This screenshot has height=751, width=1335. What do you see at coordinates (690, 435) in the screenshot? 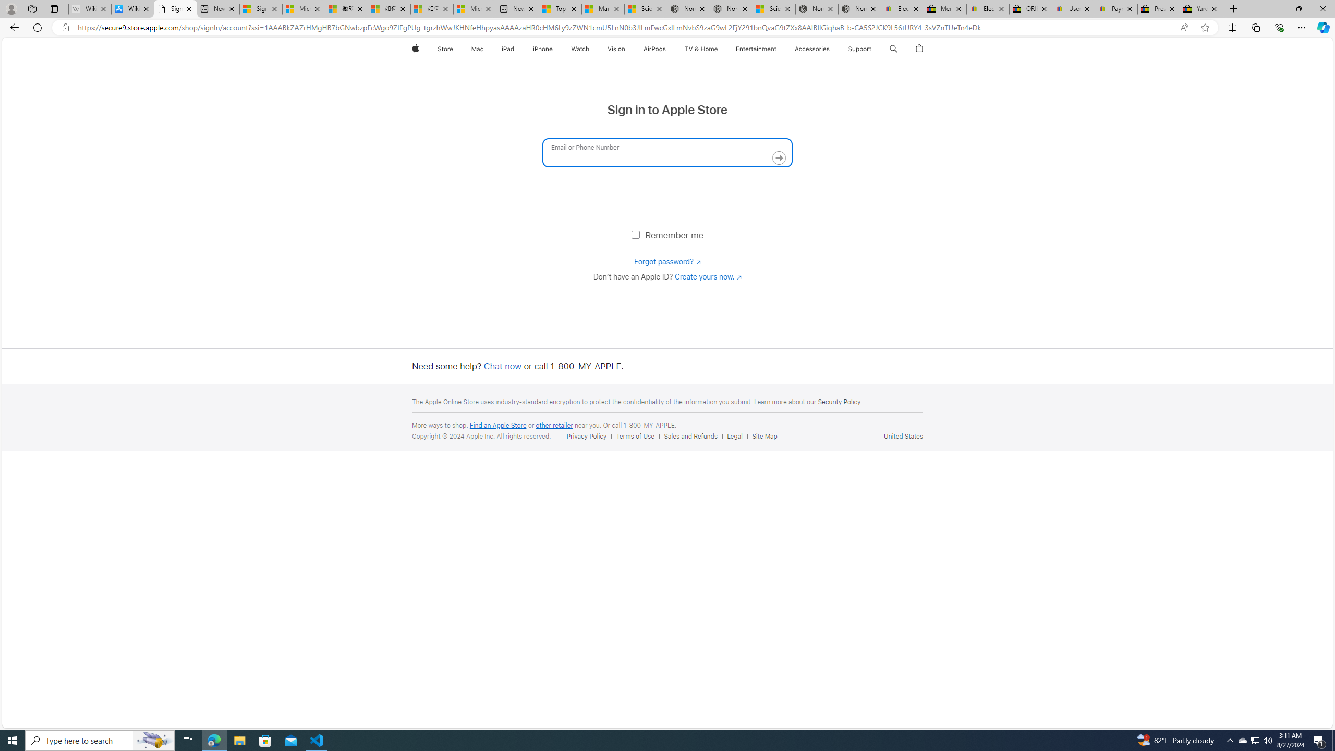
I see `'Sales and Refunds'` at bounding box center [690, 435].